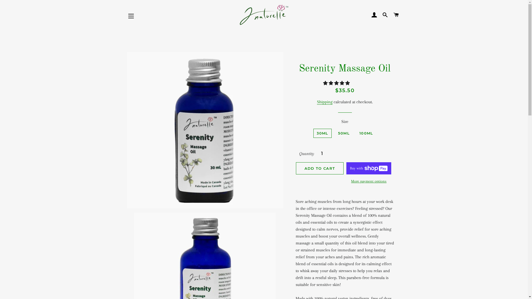  I want to click on 'SEARCH', so click(385, 15).